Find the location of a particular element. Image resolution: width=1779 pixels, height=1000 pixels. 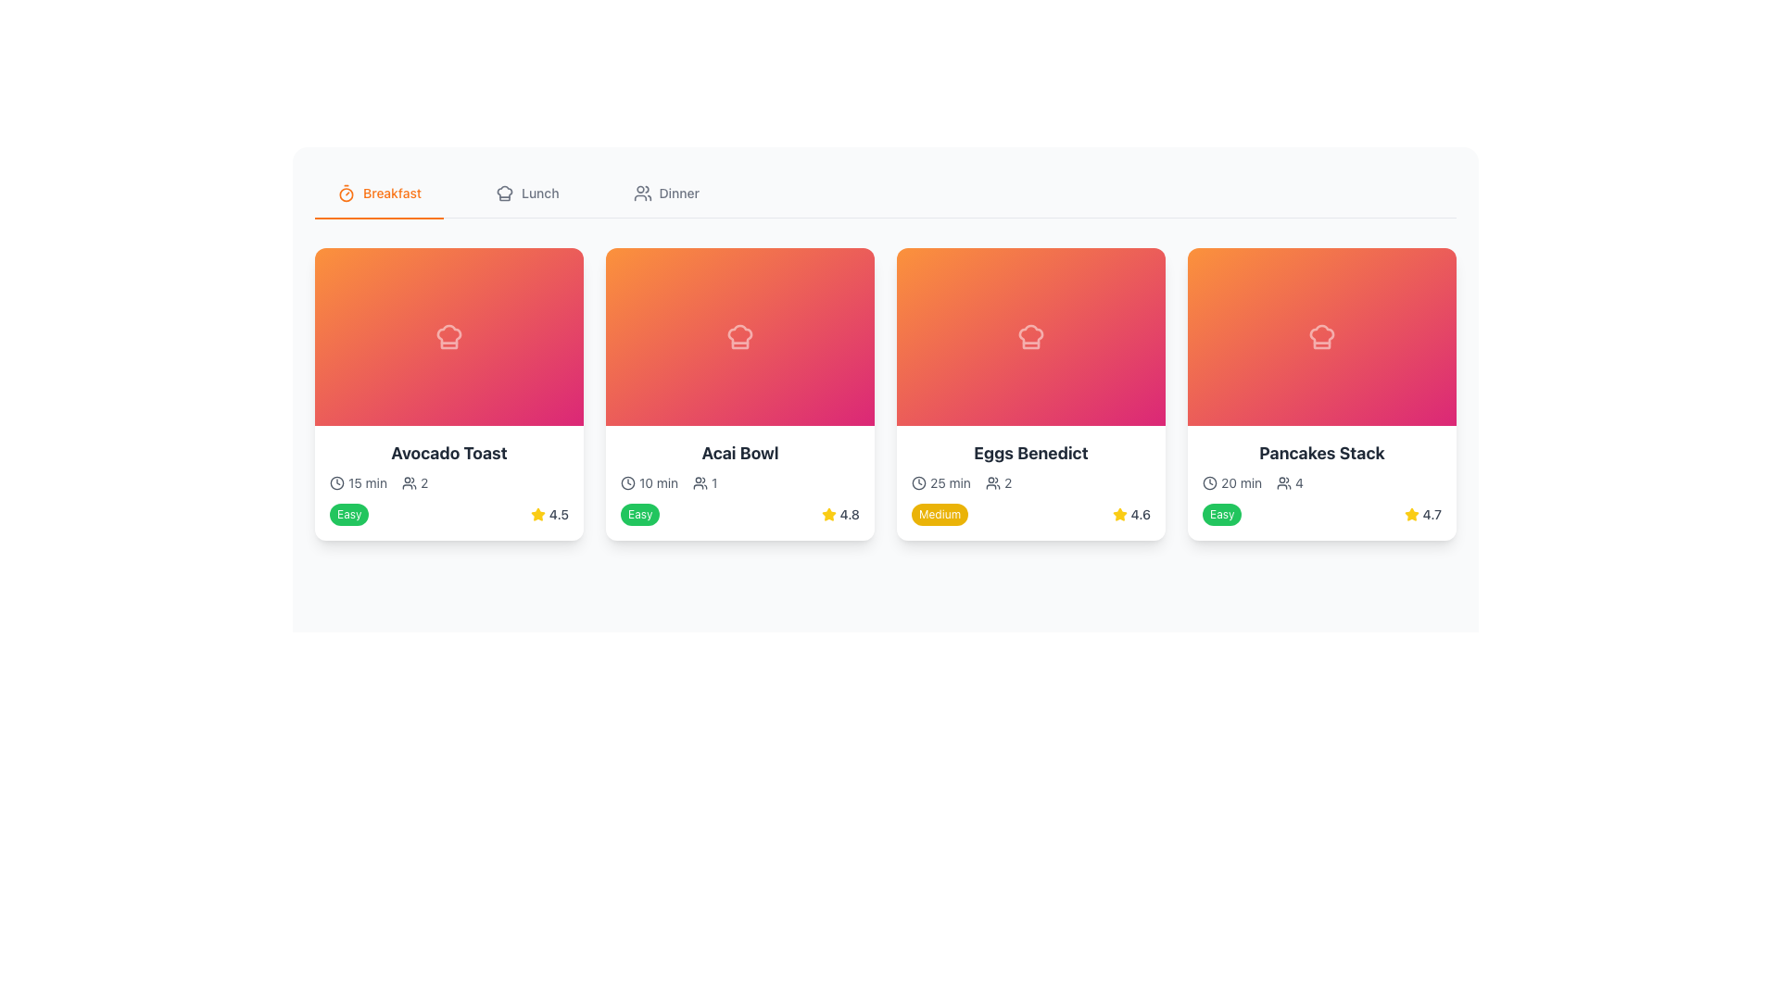

the 'Breakfast' interactive button, which features a timer icon on the left and bold orange text is located at coordinates (378, 194).